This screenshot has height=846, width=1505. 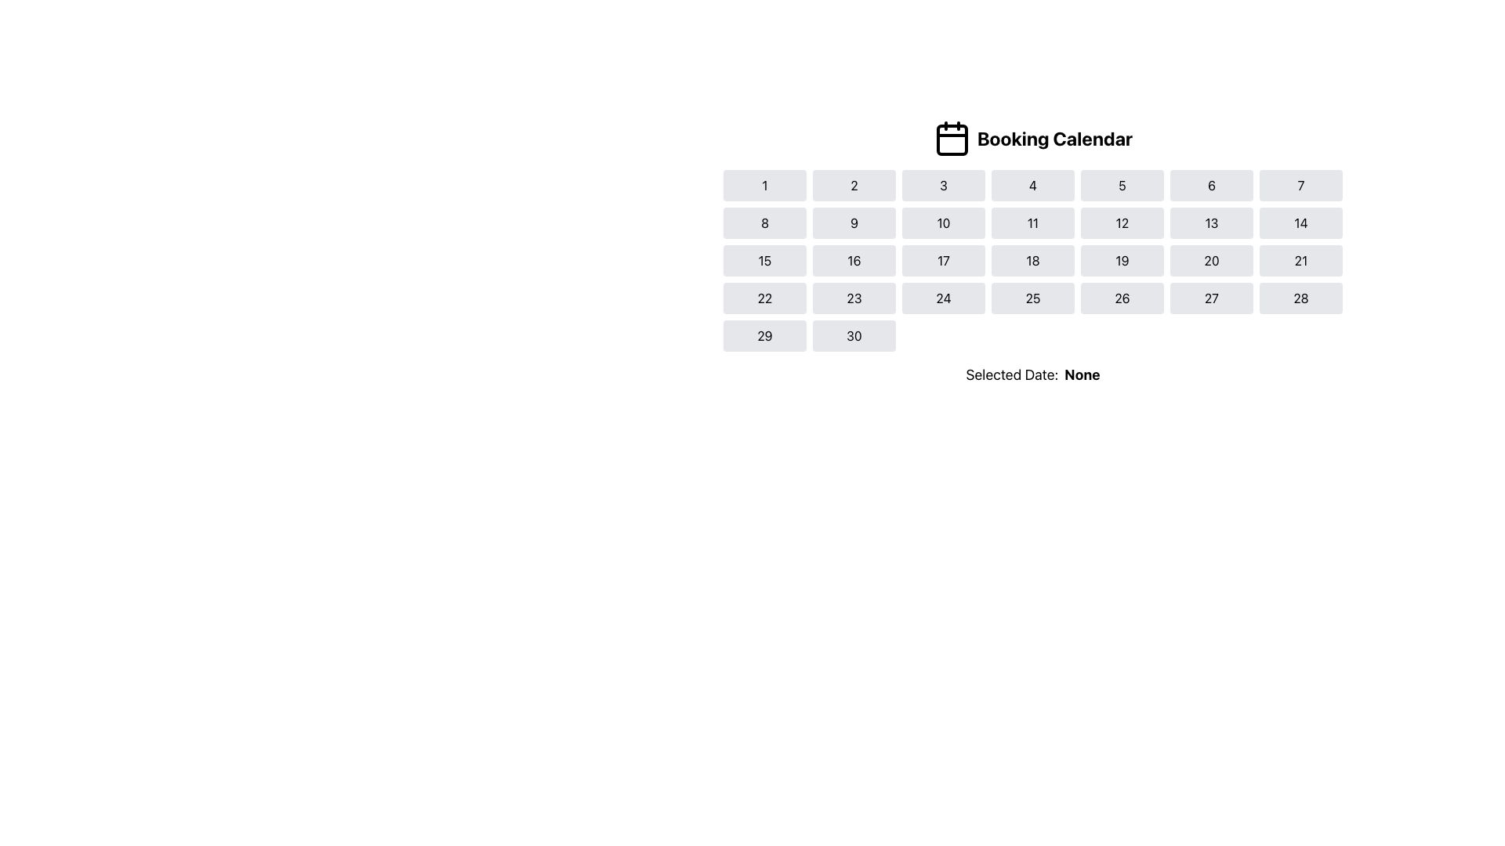 What do you see at coordinates (1301, 298) in the screenshot?
I see `the button displaying the text '28' which is located in the last column of the bottom row in a calendar view` at bounding box center [1301, 298].